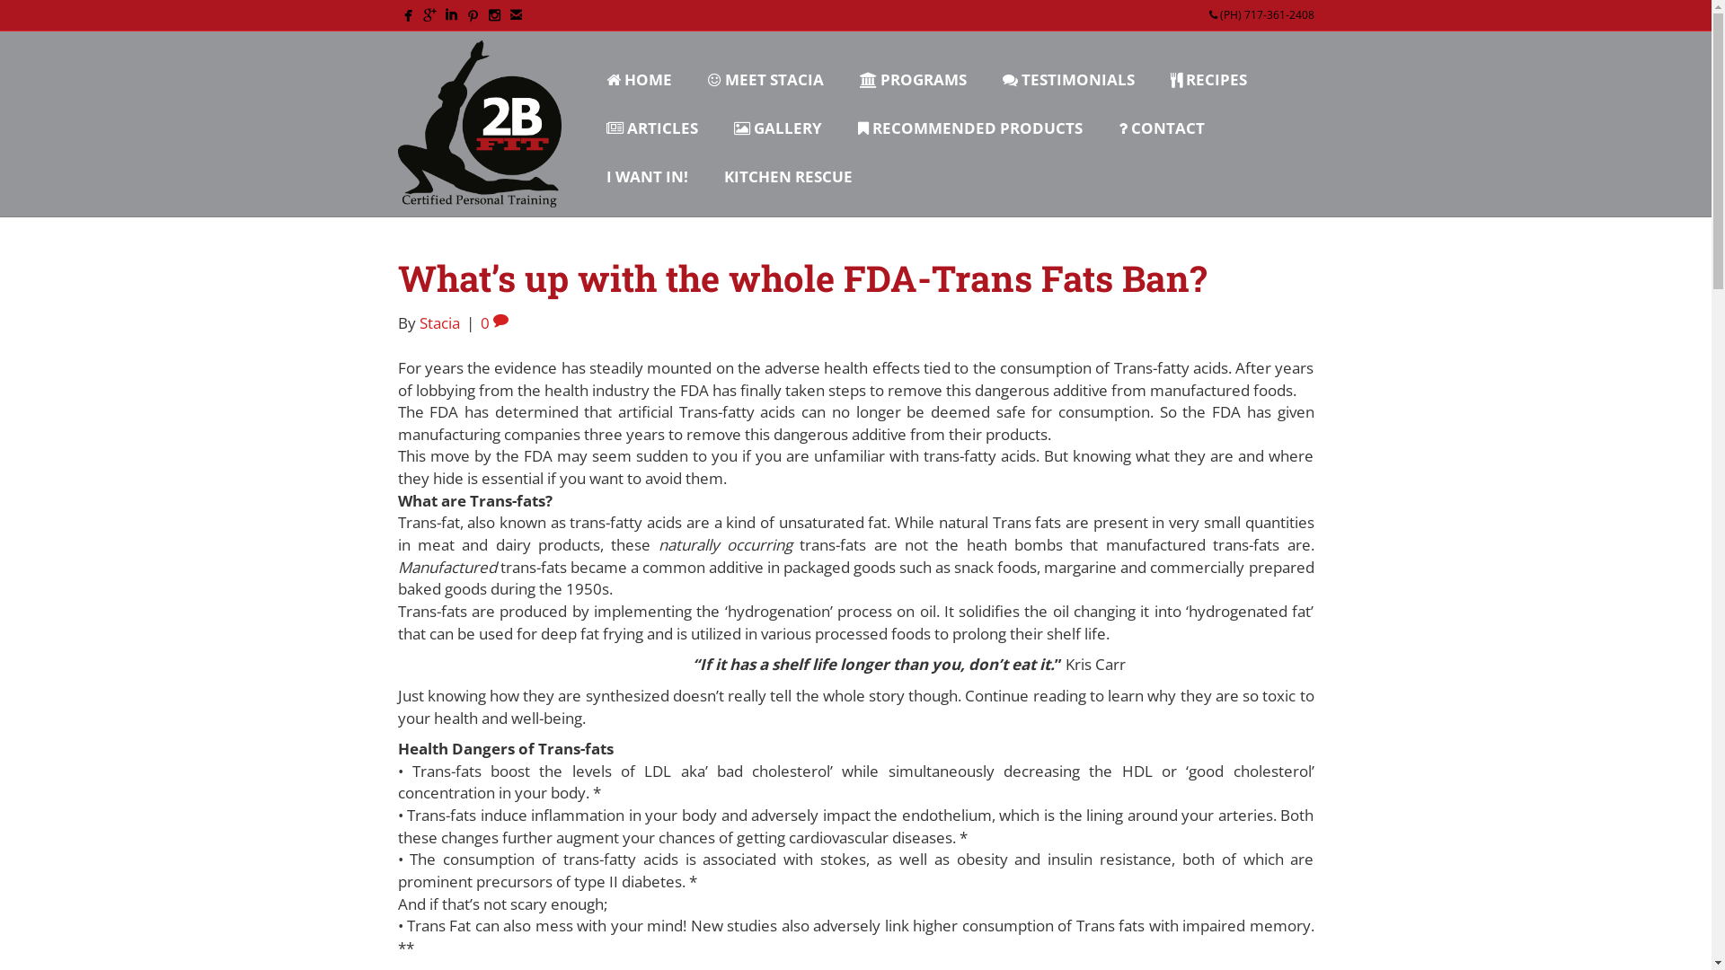 The width and height of the screenshot is (1725, 970). I want to click on 'RECIPES', so click(1152, 75).